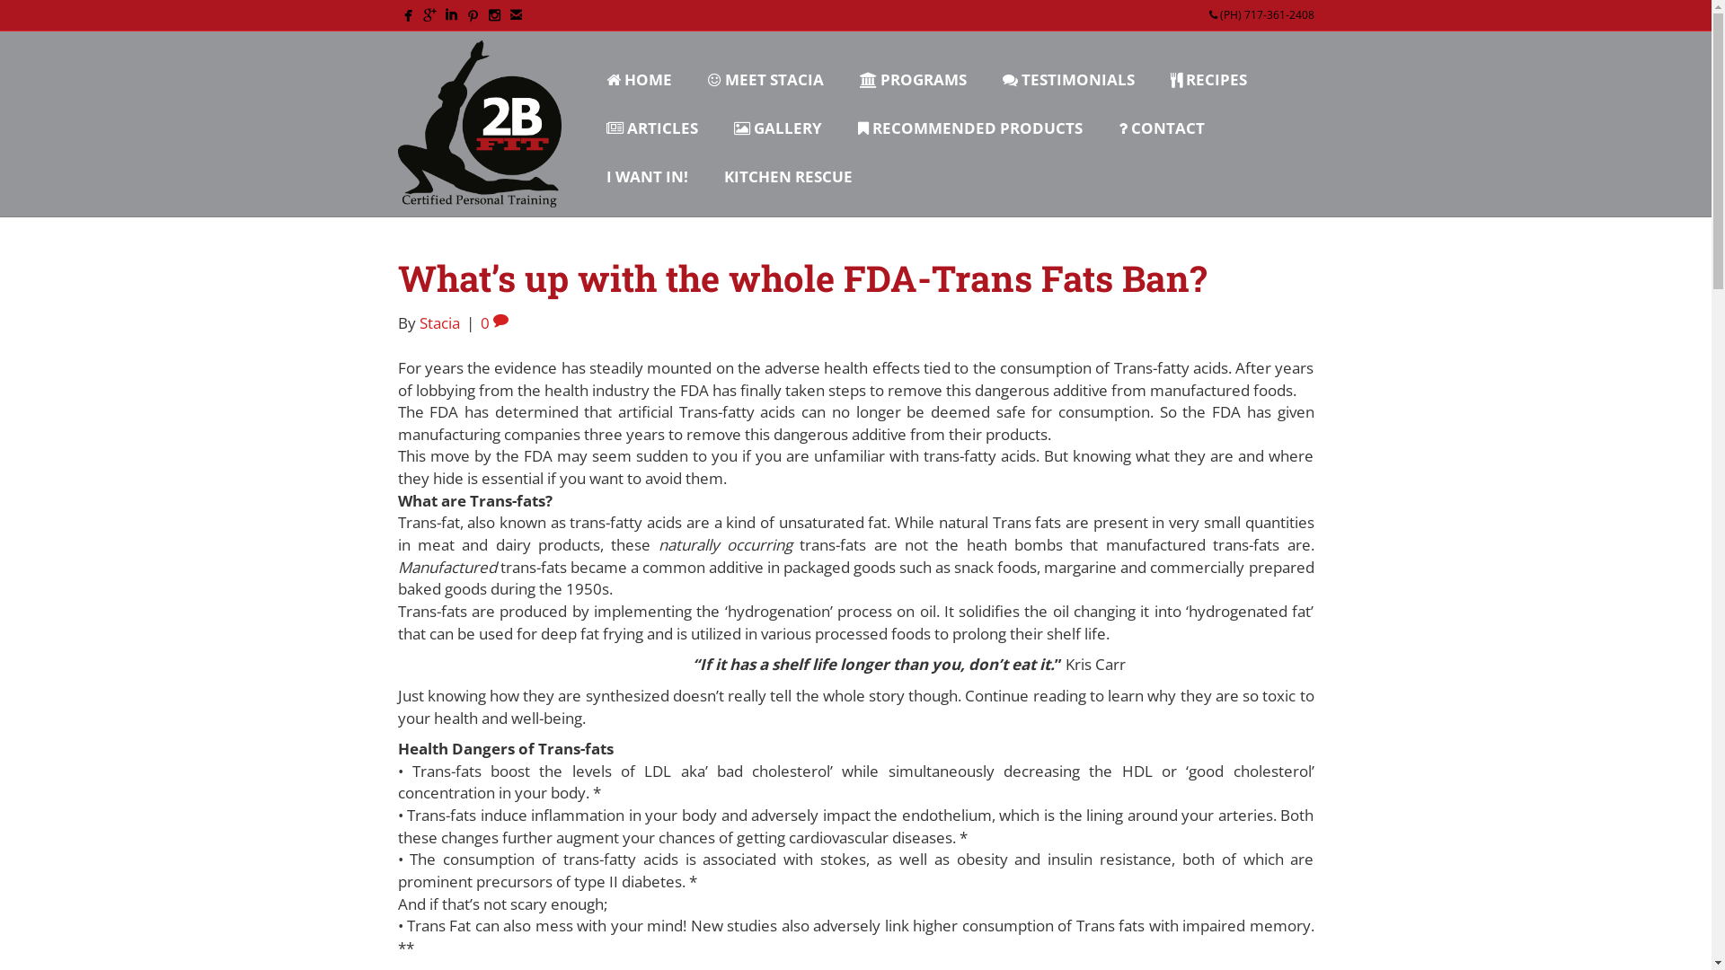 The width and height of the screenshot is (1725, 970). I want to click on 'RECIPES', so click(1152, 75).